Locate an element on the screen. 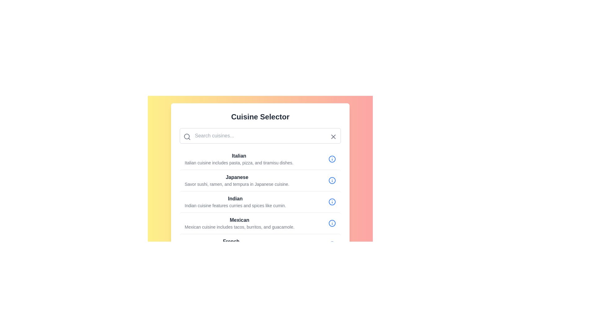 The width and height of the screenshot is (595, 335). the descriptive text stating 'Italian cuisine includes pasta, pizza, and tiramisu dishes.' which is positioned below the 'Italian' header and is part of the first entry in the list of cuisines is located at coordinates (239, 162).